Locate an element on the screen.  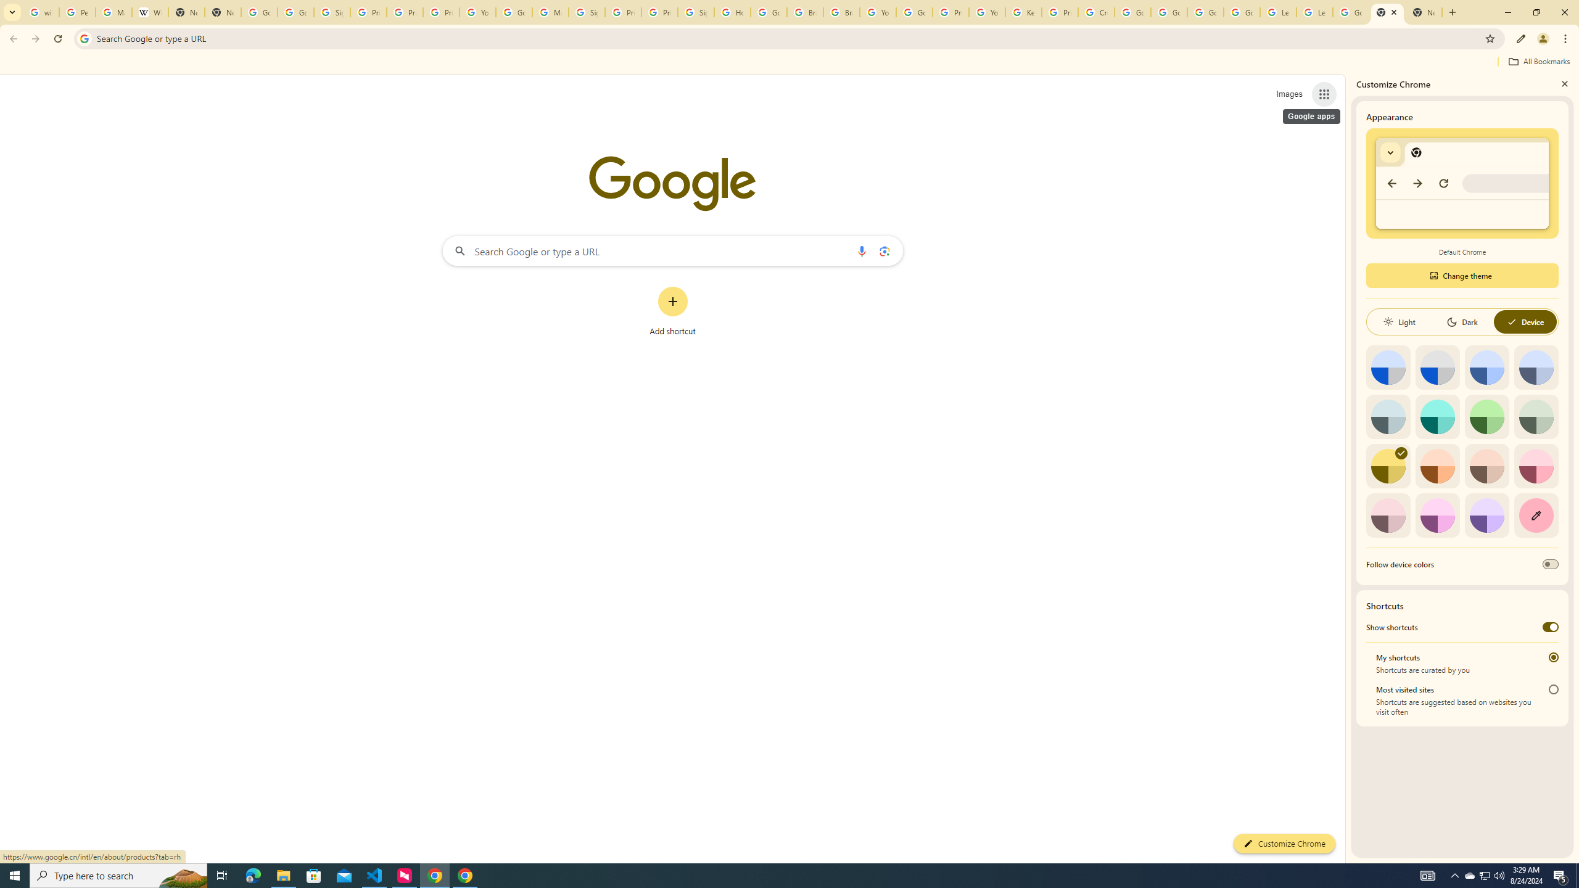
'Search for Images ' is located at coordinates (1289, 94).